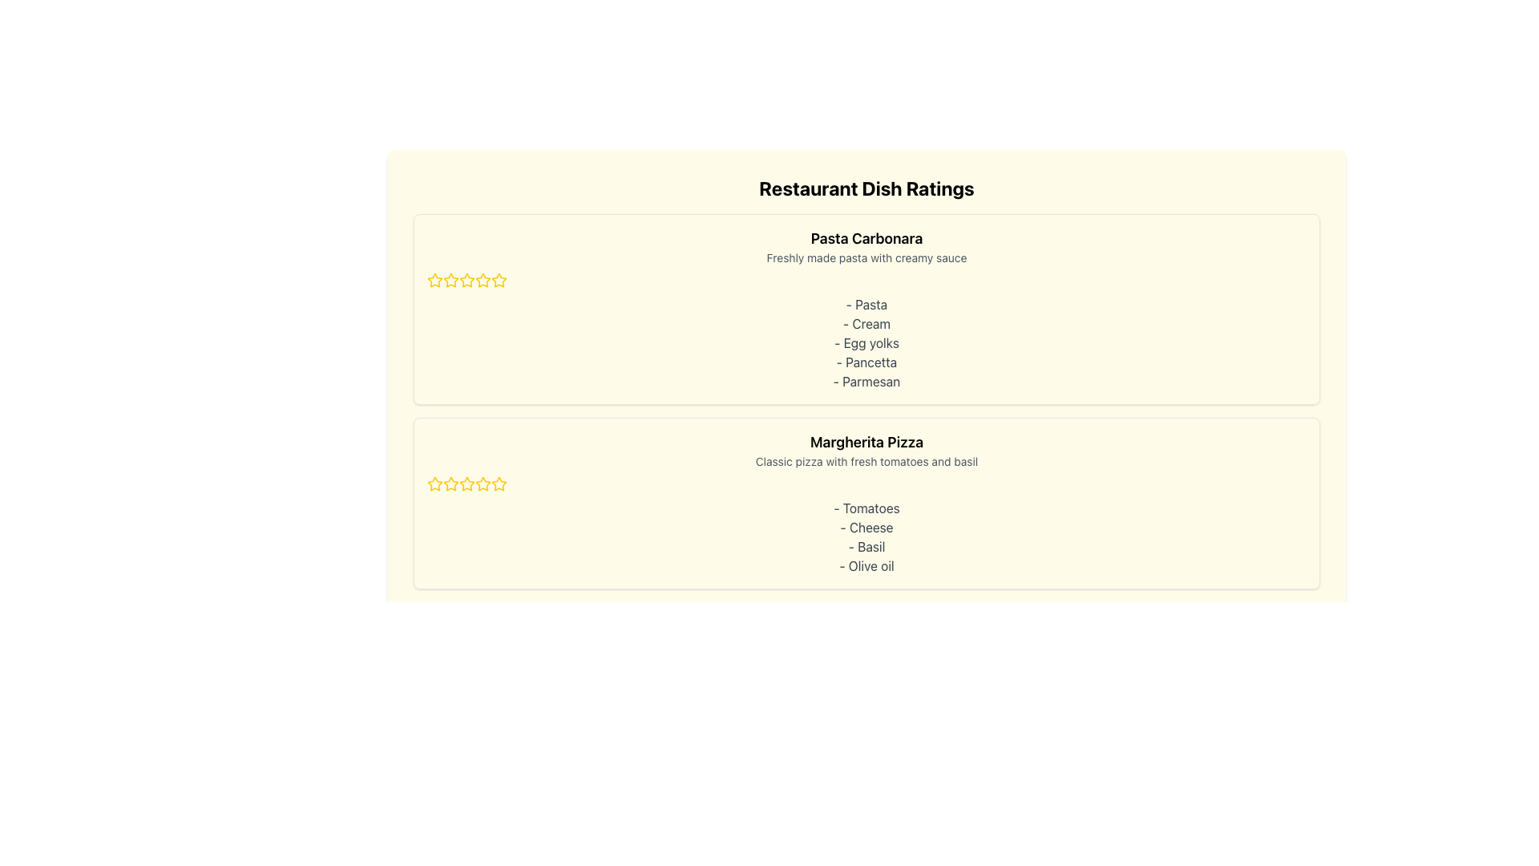  I want to click on the fourth star-shaped icon with a yellow outline in the rating widget for 'Pasta Carbonara', so click(499, 279).